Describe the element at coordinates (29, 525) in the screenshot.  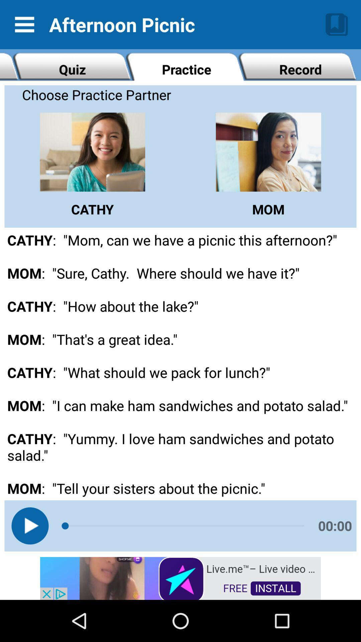
I see `this` at that location.